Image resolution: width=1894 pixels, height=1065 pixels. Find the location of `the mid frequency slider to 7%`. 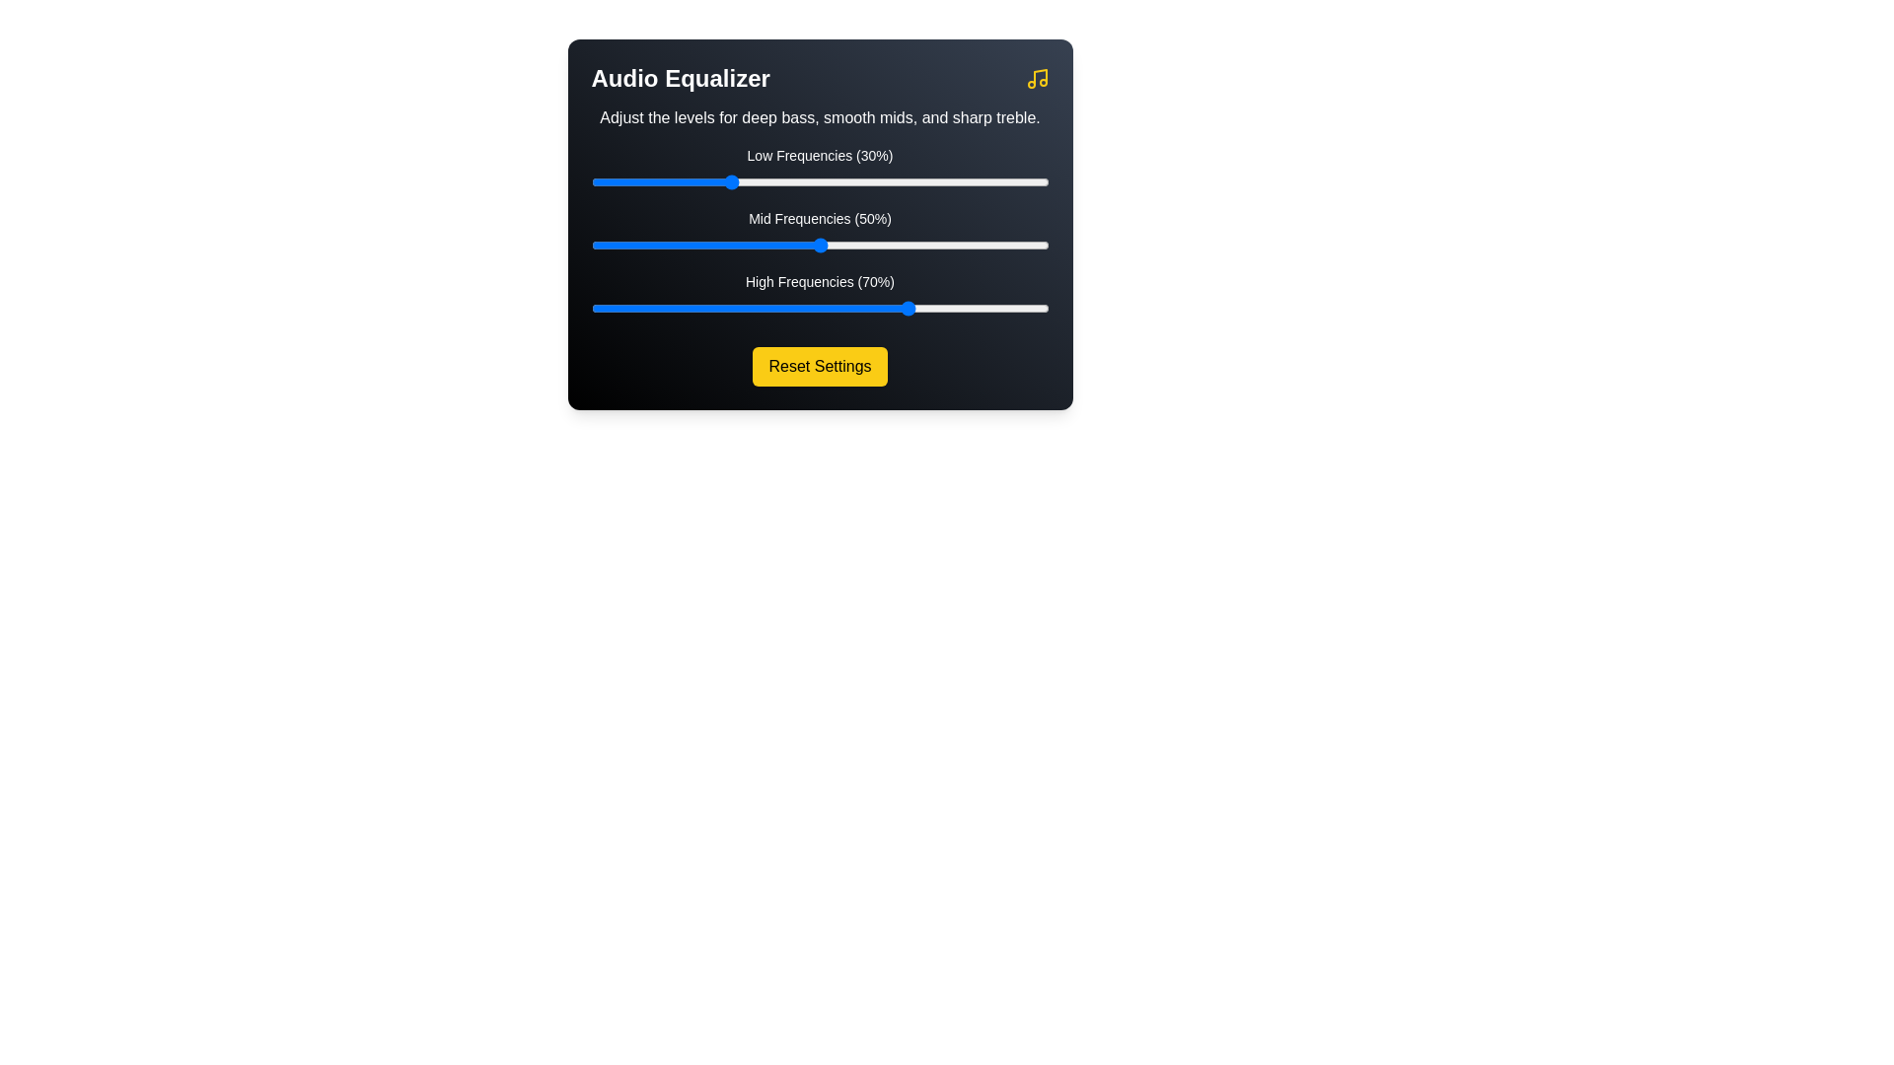

the mid frequency slider to 7% is located at coordinates (622, 245).